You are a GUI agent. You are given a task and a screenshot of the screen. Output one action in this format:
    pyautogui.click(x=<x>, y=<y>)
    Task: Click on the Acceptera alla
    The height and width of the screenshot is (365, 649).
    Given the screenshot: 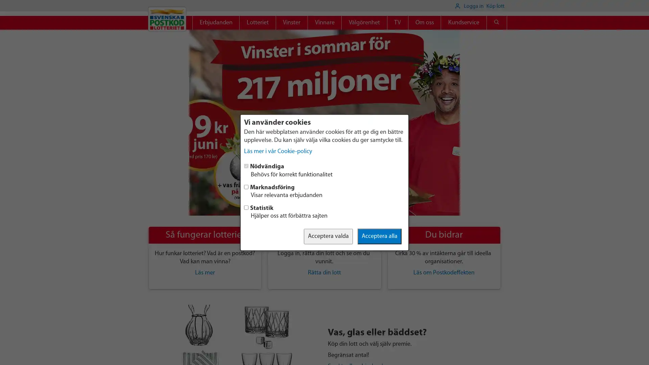 What is the action you would take?
    pyautogui.click(x=380, y=236)
    